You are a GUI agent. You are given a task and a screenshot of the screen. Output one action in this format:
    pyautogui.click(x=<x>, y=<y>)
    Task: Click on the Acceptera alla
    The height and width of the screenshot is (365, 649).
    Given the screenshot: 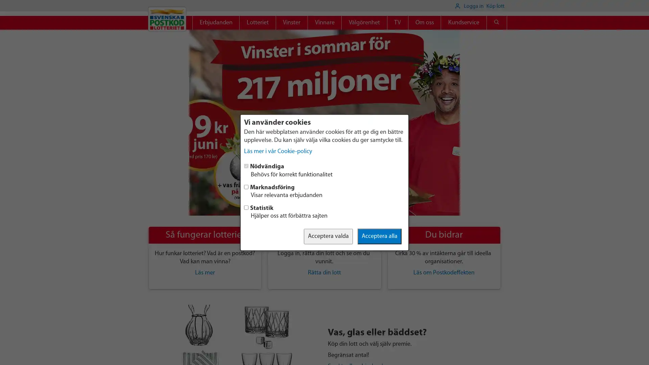 What is the action you would take?
    pyautogui.click(x=380, y=236)
    